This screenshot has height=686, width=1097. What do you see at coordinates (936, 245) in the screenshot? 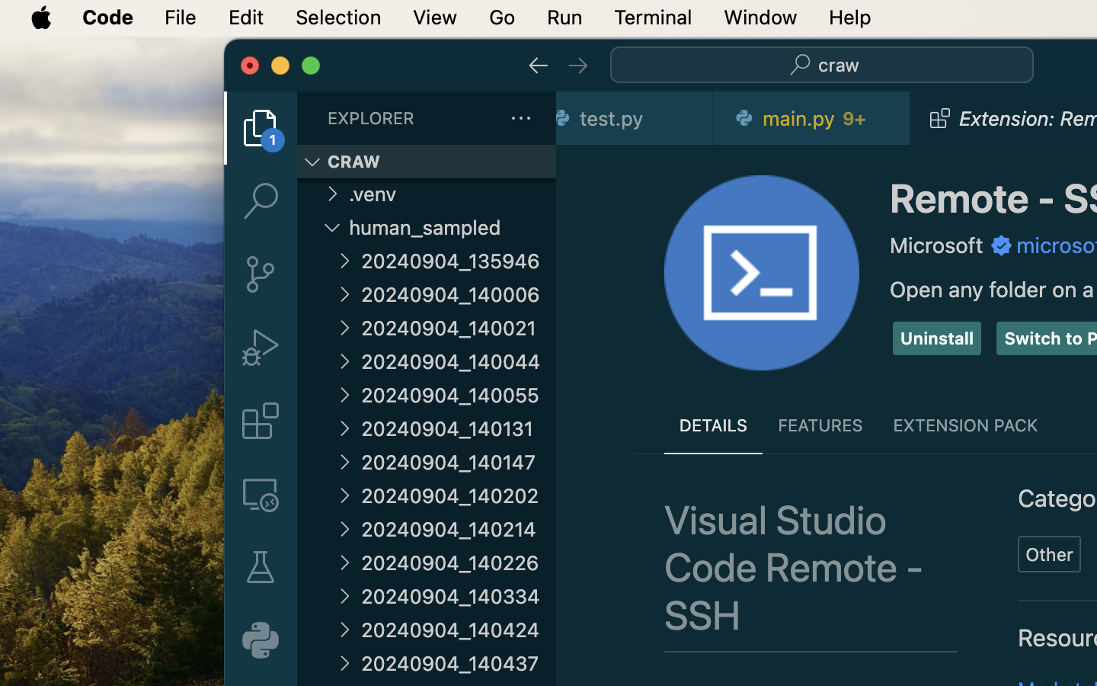
I see `'Microsoft'` at bounding box center [936, 245].